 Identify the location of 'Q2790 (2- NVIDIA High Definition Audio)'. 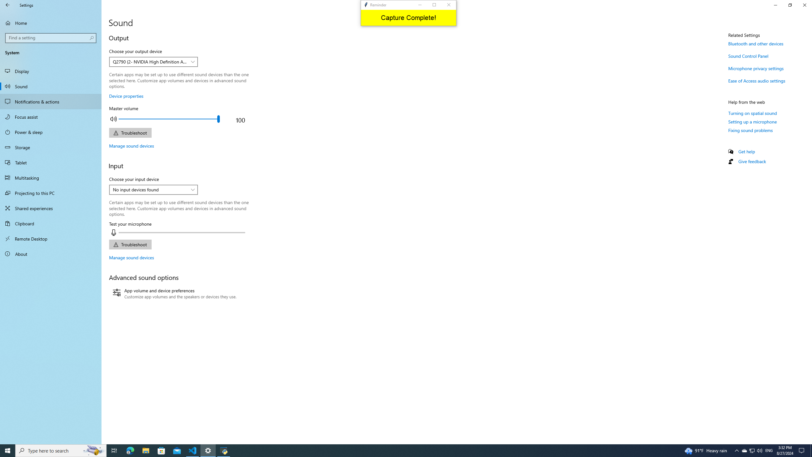
(150, 62).